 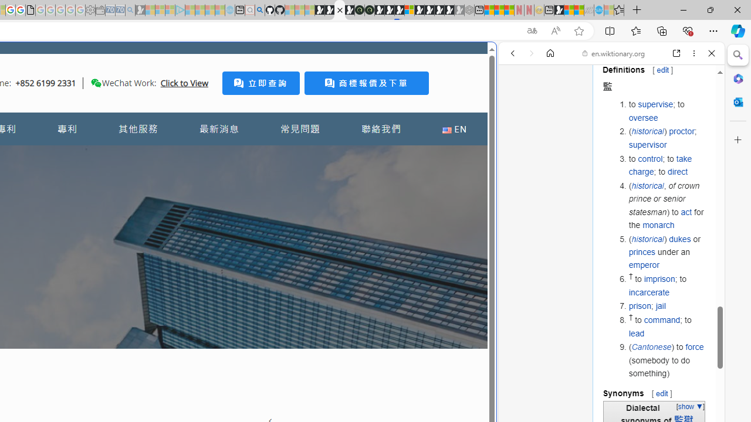 What do you see at coordinates (130, 10) in the screenshot?
I see `'Bing Real Estate - Home sales and rental listings - Sleeping'` at bounding box center [130, 10].